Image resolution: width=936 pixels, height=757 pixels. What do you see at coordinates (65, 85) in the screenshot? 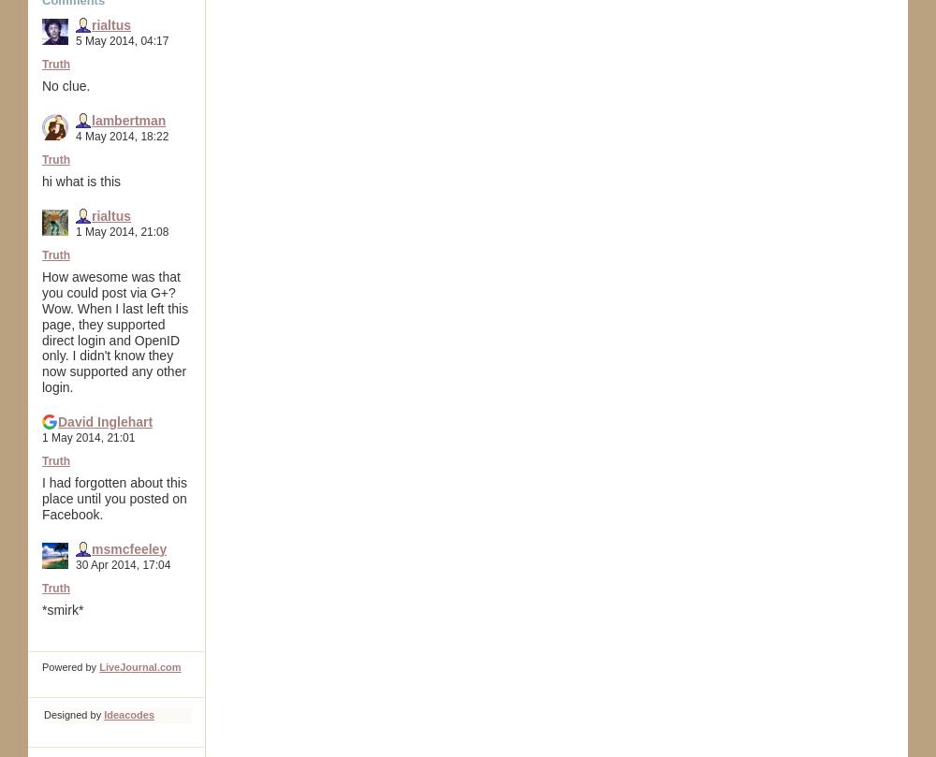
I see `'No clue.'` at bounding box center [65, 85].